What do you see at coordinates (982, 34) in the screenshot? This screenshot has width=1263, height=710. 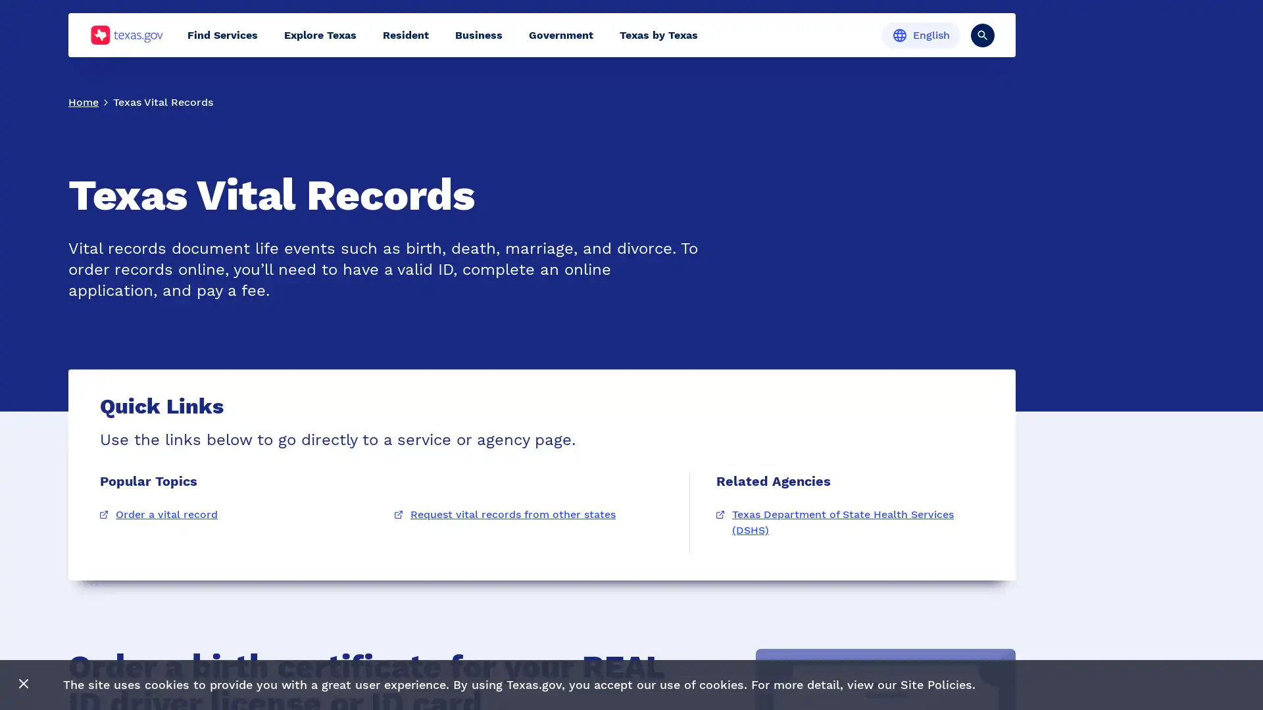 I see `Search` at bounding box center [982, 34].